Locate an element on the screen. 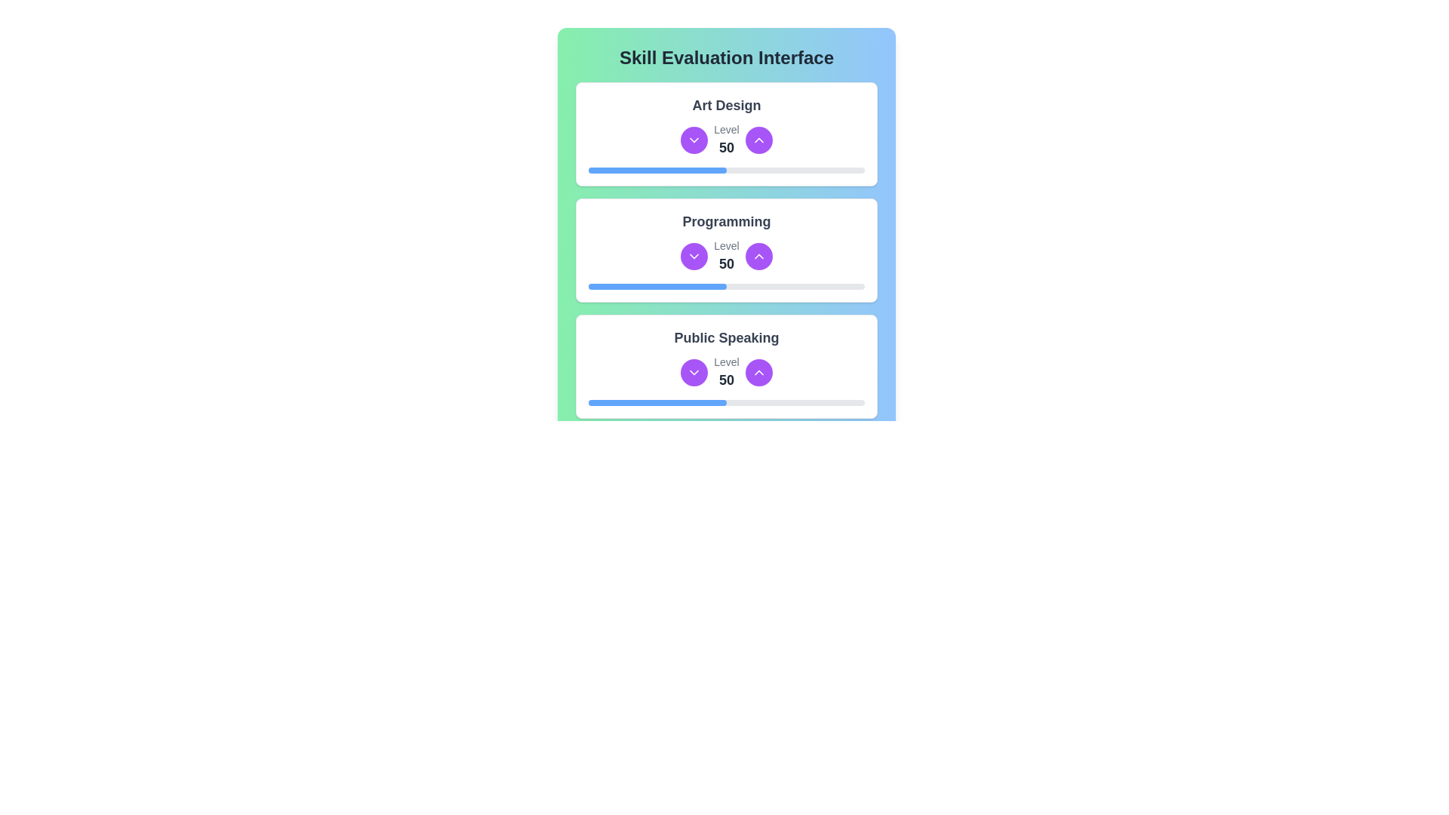  the skill level selector is located at coordinates (727, 140).